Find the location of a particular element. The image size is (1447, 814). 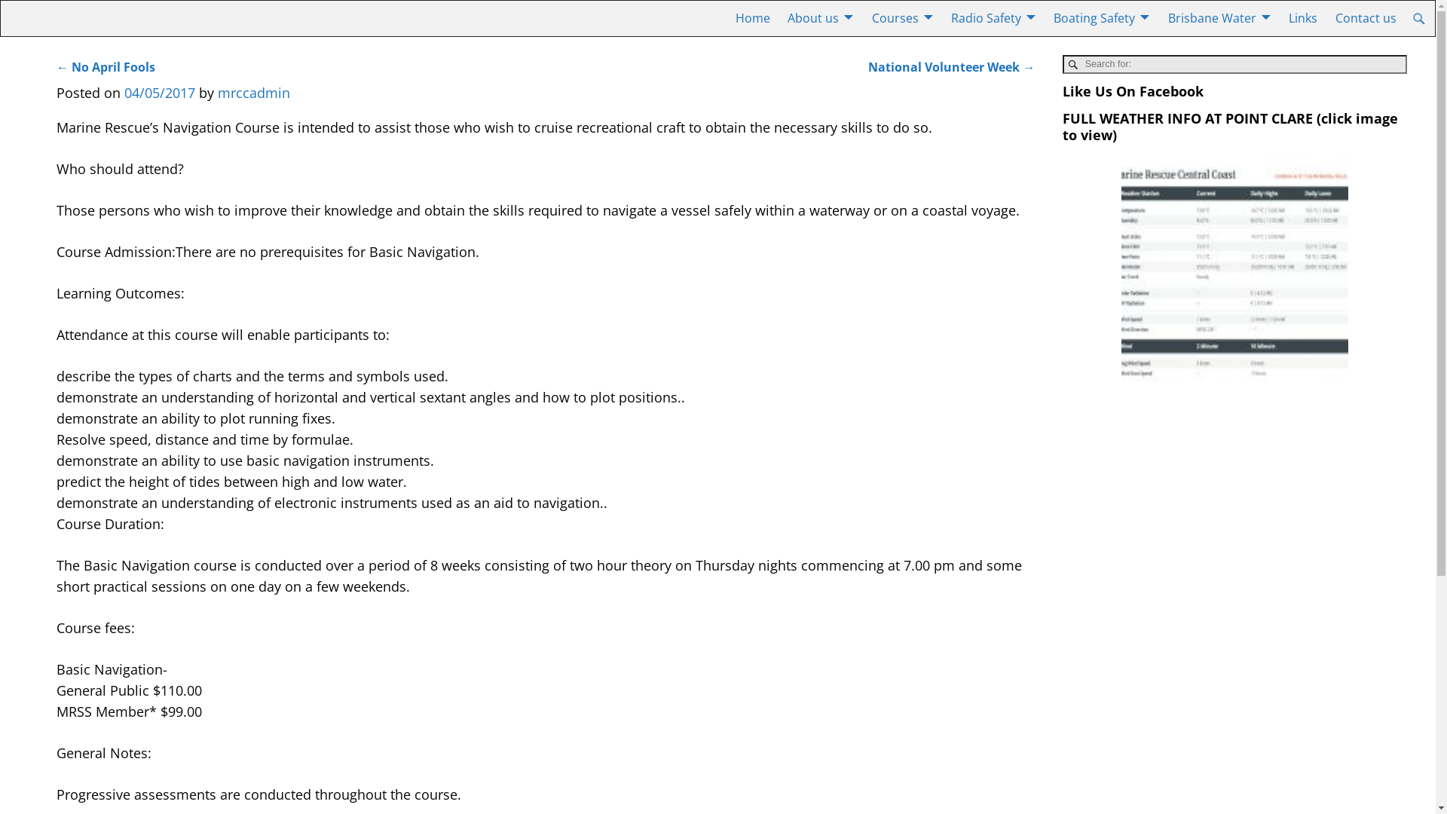

'Boating Safety' is located at coordinates (1102, 18).